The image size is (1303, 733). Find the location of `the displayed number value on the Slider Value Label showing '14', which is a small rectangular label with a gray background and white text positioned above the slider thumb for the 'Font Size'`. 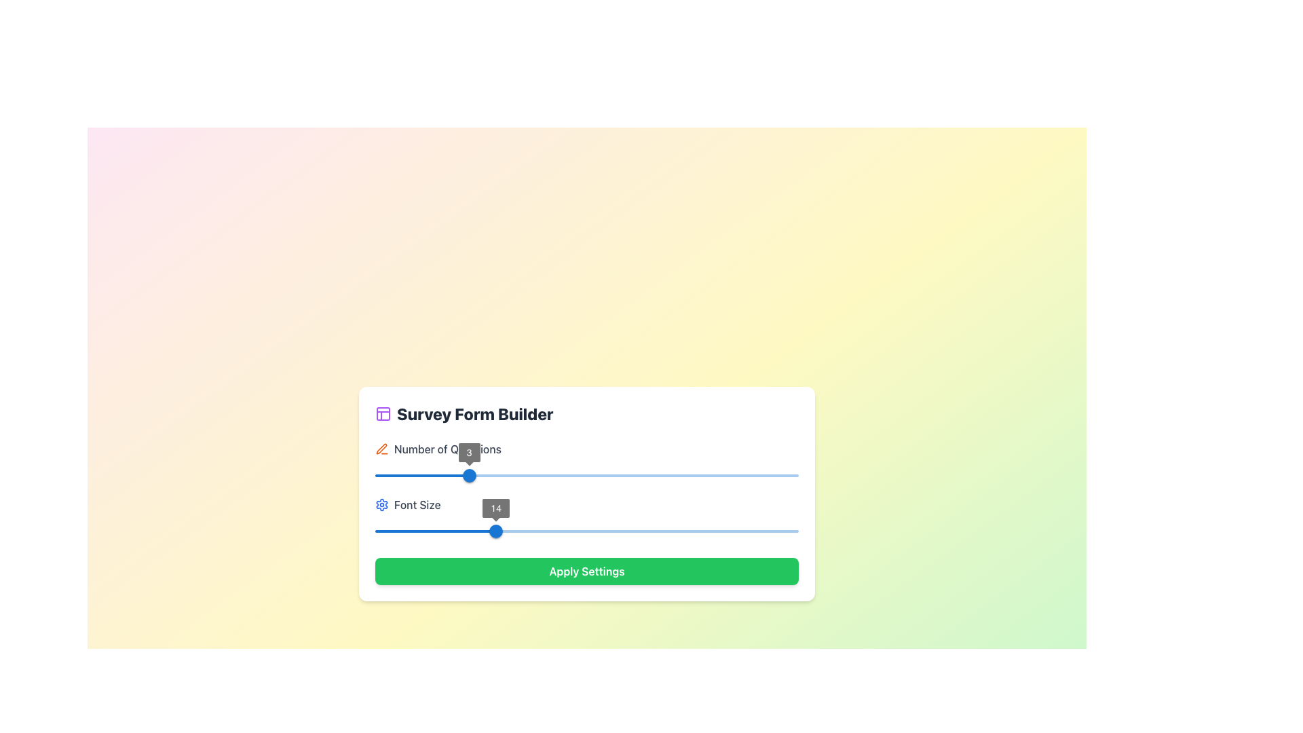

the displayed number value on the Slider Value Label showing '14', which is a small rectangular label with a gray background and white text positioned above the slider thumb for the 'Font Size' is located at coordinates (495, 508).